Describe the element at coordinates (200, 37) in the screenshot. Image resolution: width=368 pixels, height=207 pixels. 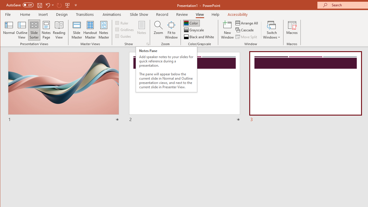
I see `'Black and White'` at that location.